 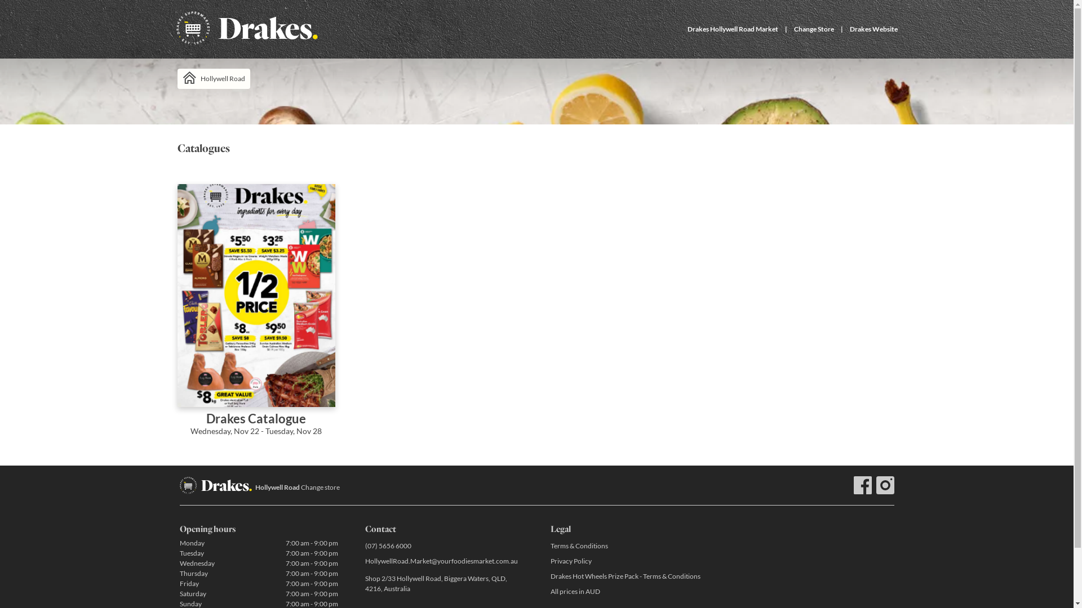 What do you see at coordinates (213, 78) in the screenshot?
I see `'Hollywell Road'` at bounding box center [213, 78].